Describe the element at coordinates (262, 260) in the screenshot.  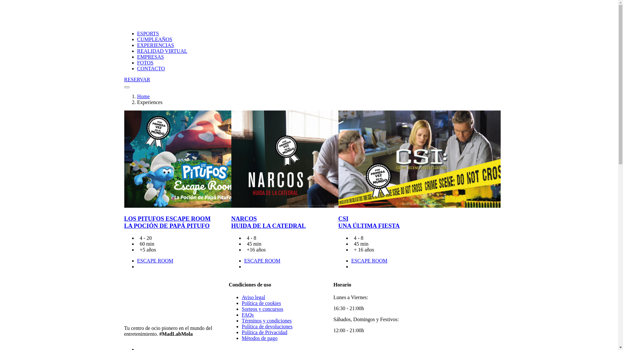
I see `'ESCAPE ROOM'` at that location.